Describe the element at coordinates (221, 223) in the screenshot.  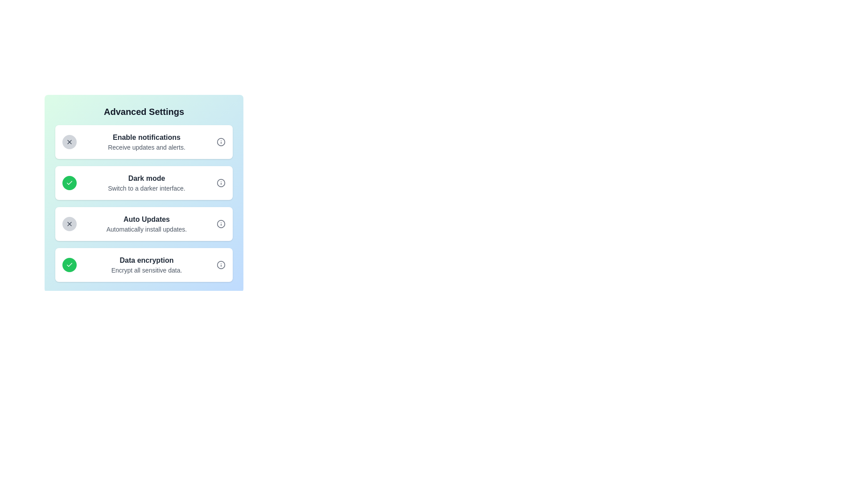
I see `the information icon for Auto Updates to view its description` at that location.